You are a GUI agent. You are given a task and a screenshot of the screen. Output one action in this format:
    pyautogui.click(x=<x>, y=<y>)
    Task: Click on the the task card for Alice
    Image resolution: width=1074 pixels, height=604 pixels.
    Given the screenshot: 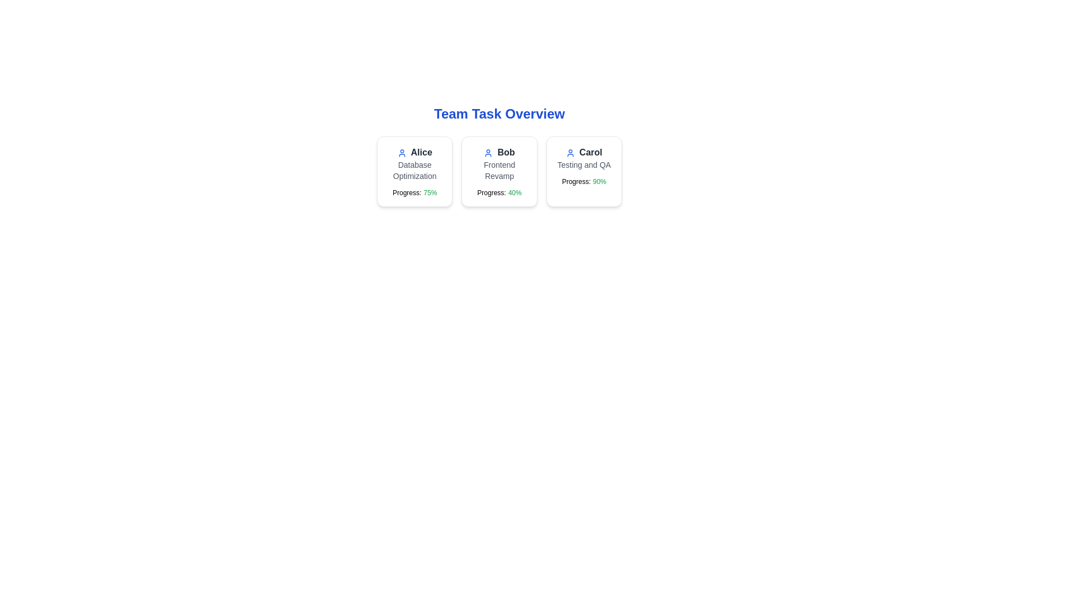 What is the action you would take?
    pyautogui.click(x=414, y=172)
    